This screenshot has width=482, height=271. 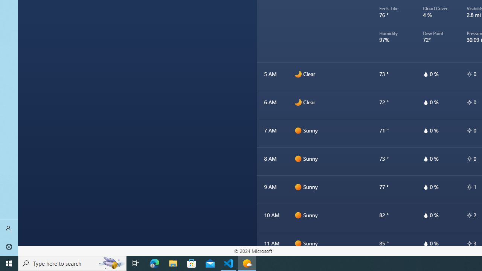 I want to click on 'Type here to search', so click(x=72, y=263).